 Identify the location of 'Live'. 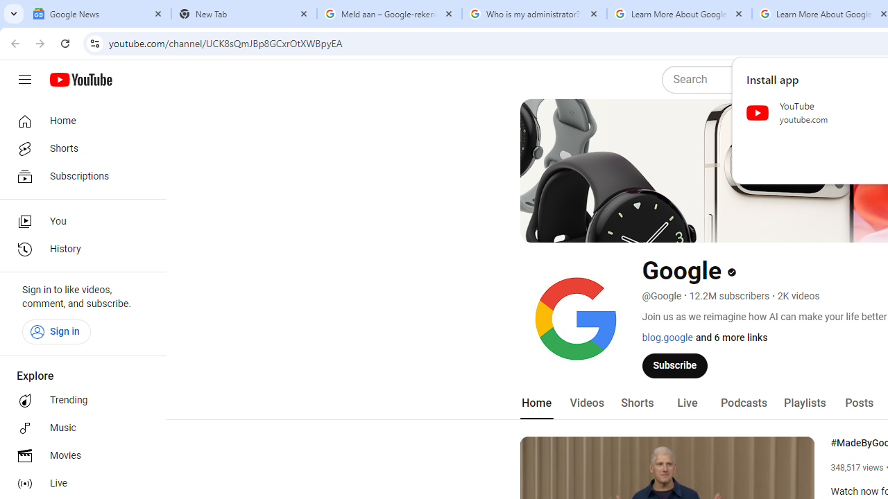
(78, 483).